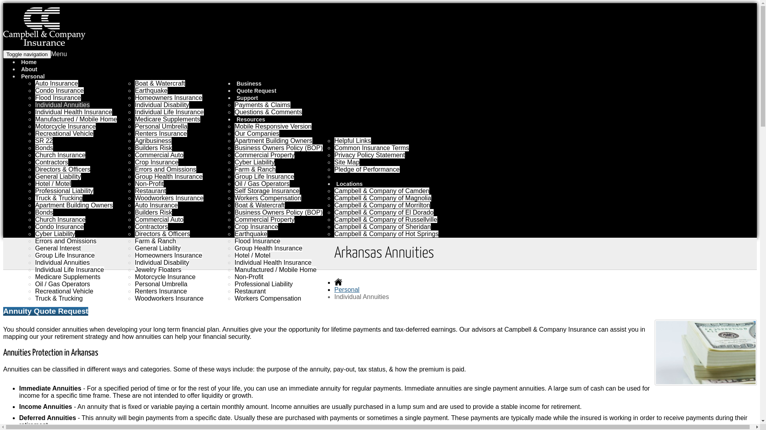  What do you see at coordinates (64, 191) in the screenshot?
I see `'Professional Liability'` at bounding box center [64, 191].